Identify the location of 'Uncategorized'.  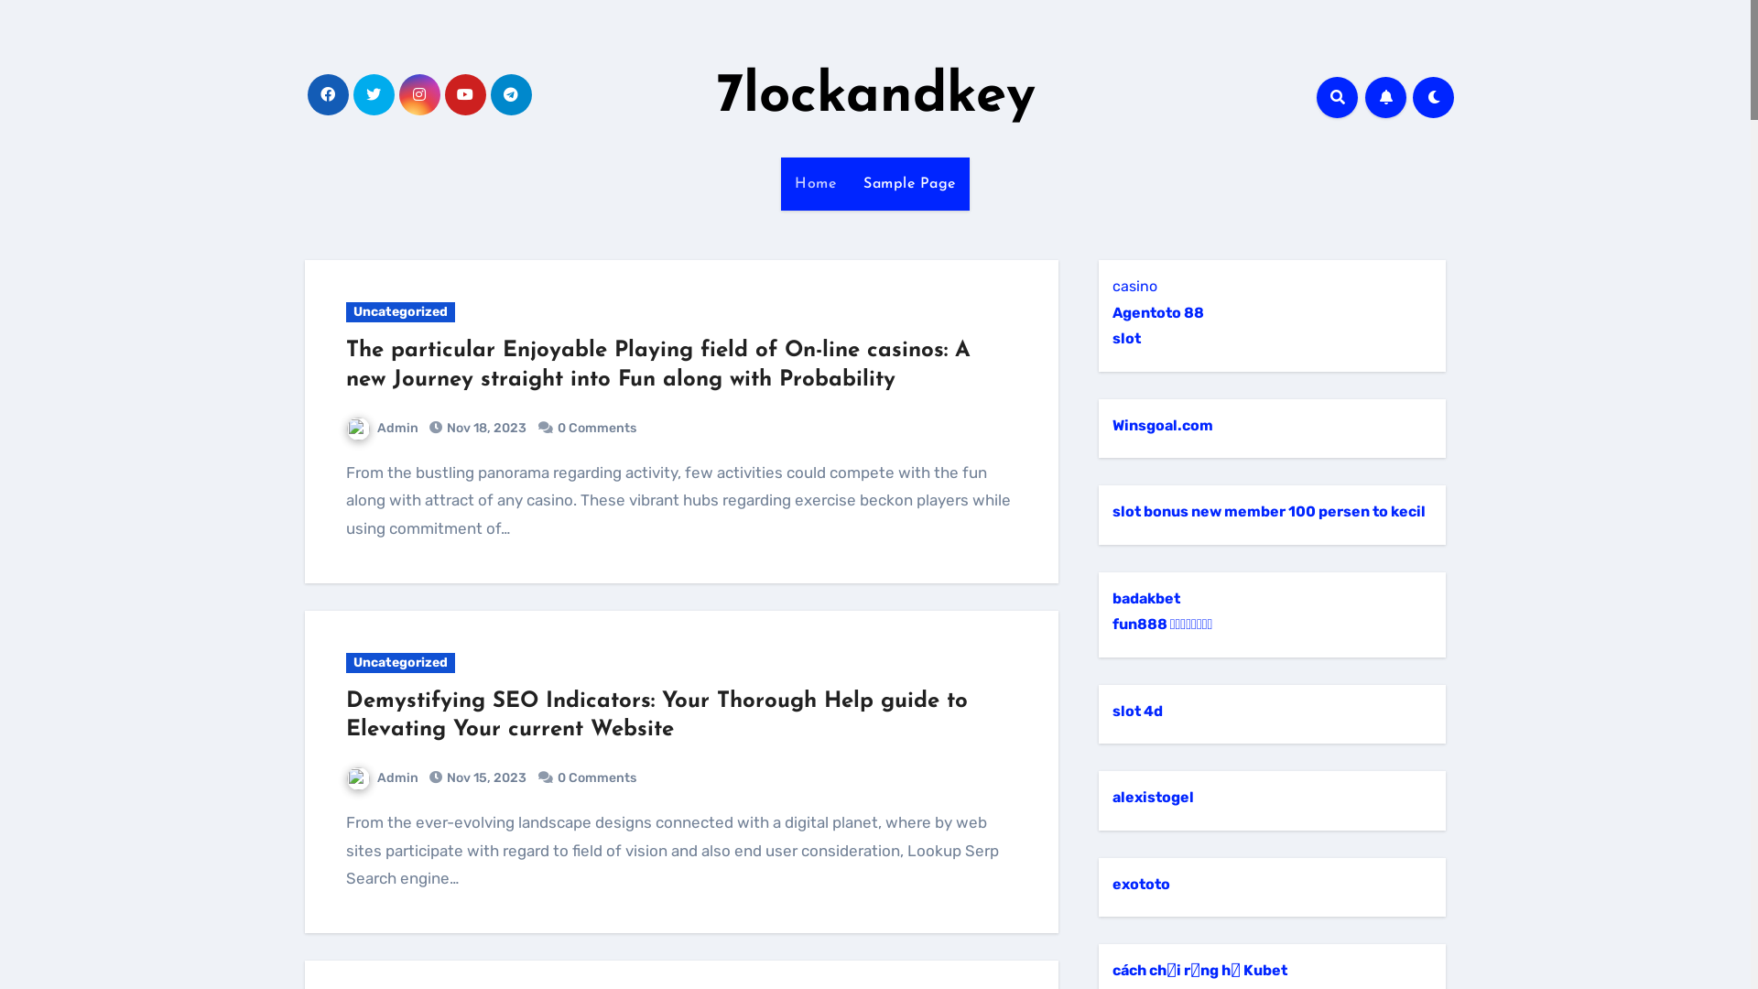
(399, 310).